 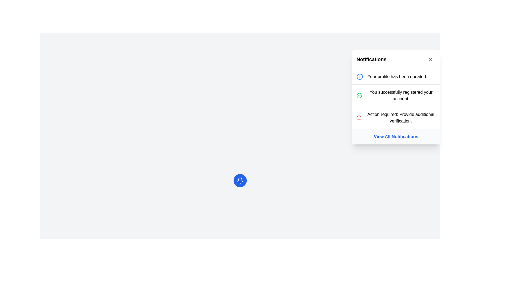 What do you see at coordinates (371, 59) in the screenshot?
I see `text label that serves as the title for the notification section, located at the top left of the notification panel header` at bounding box center [371, 59].